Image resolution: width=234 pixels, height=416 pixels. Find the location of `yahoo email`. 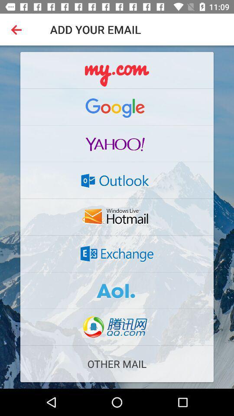

yahoo email is located at coordinates (117, 143).